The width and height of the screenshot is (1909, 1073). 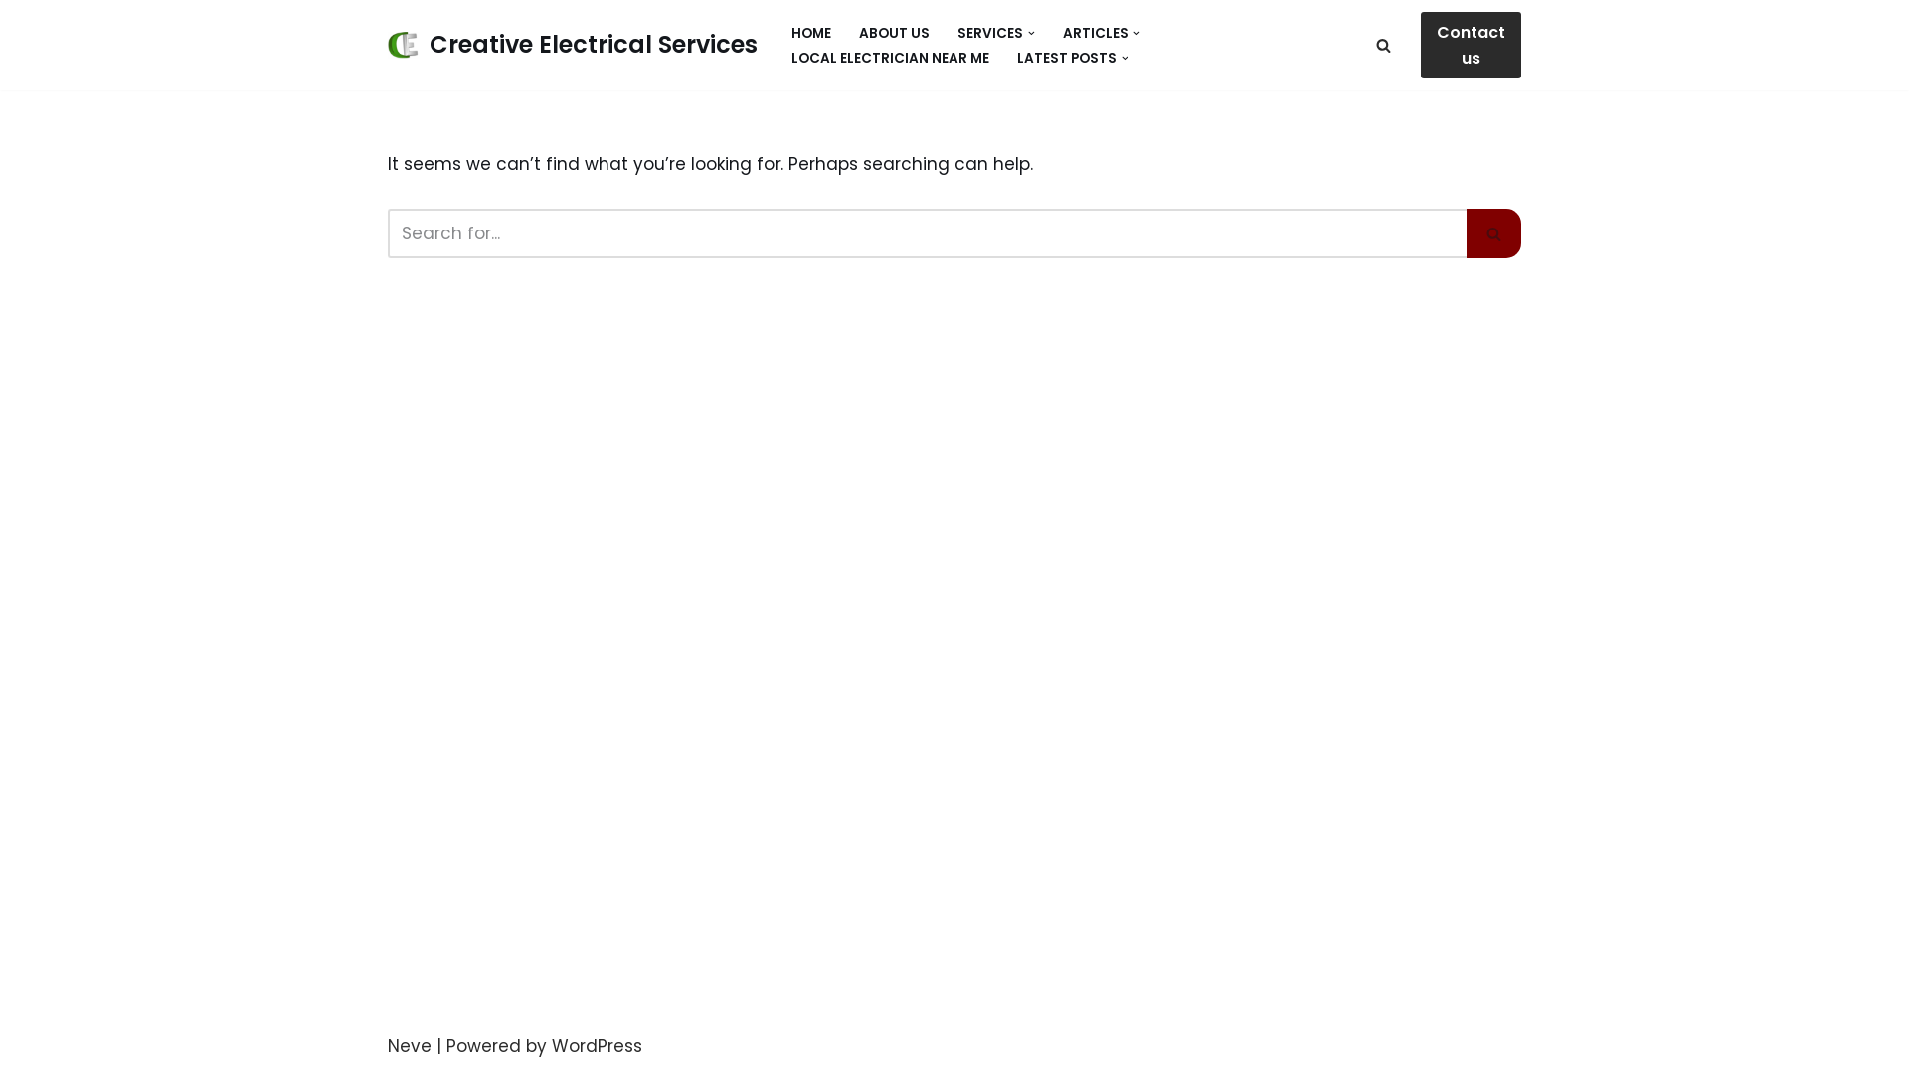 I want to click on 'SERVICES', so click(x=990, y=33).